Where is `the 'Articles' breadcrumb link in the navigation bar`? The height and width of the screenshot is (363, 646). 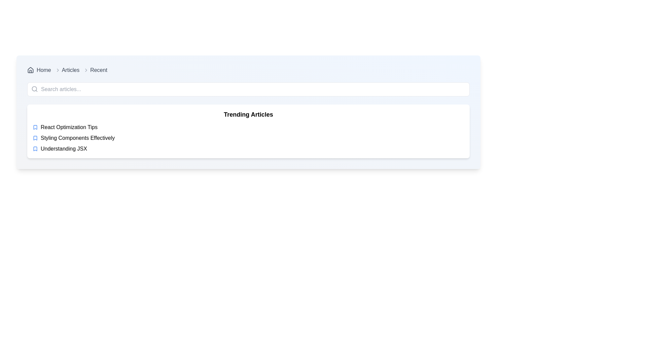
the 'Articles' breadcrumb link in the navigation bar is located at coordinates (66, 70).